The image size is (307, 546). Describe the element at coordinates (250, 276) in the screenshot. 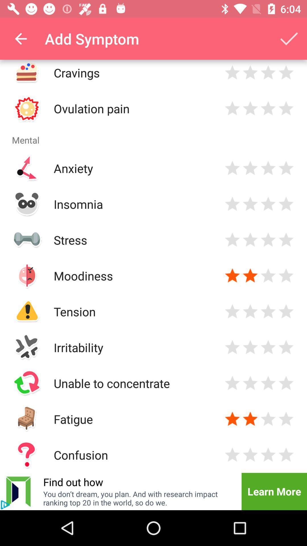

I see `two star rating` at that location.